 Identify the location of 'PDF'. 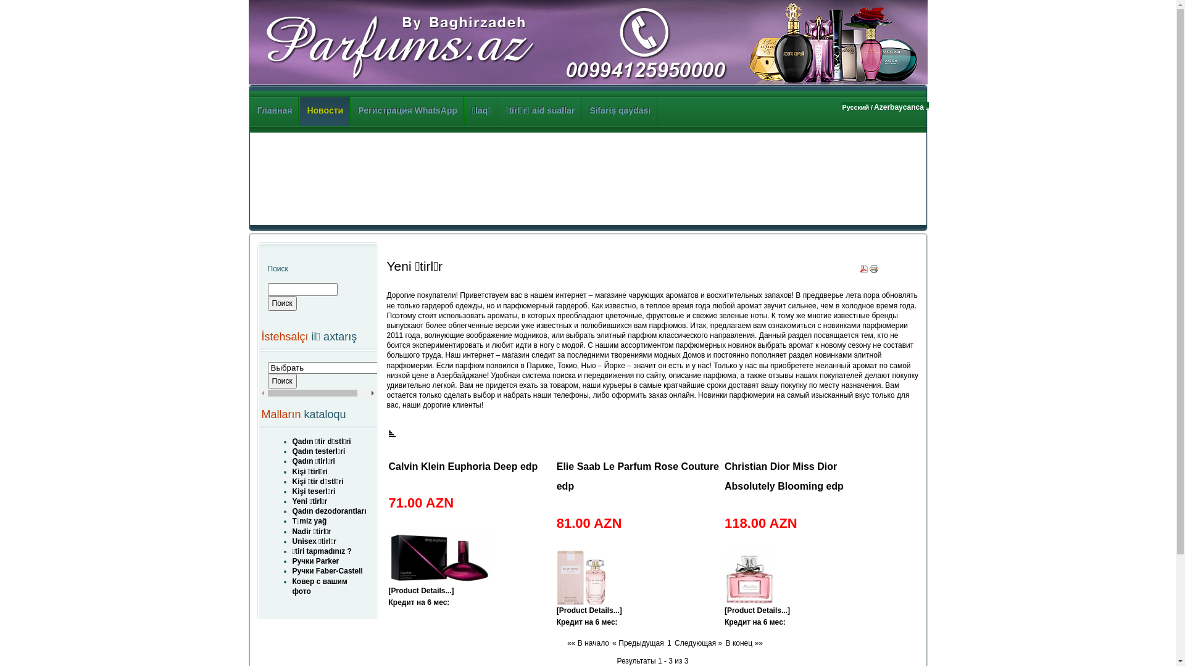
(863, 266).